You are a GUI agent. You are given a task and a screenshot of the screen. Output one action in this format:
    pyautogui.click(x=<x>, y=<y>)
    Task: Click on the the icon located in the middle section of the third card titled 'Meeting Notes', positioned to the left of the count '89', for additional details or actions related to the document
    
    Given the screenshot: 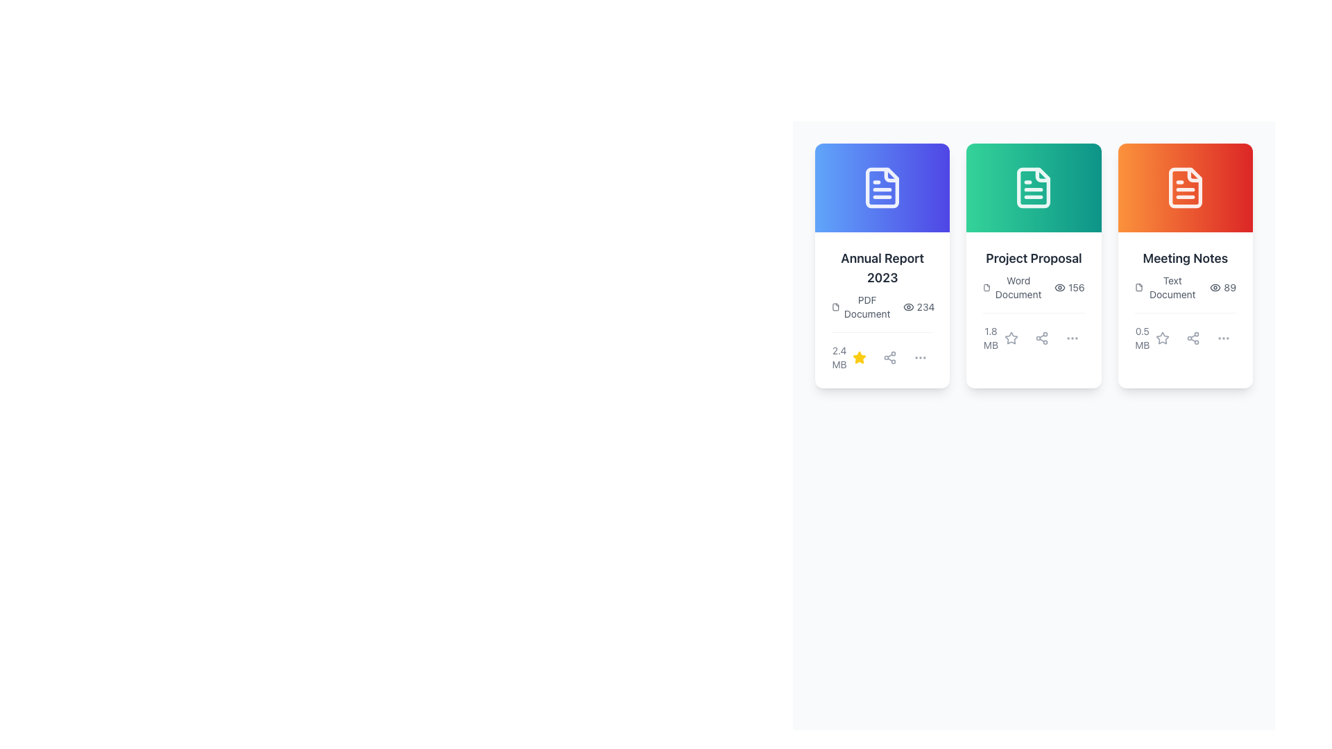 What is the action you would take?
    pyautogui.click(x=1166, y=287)
    